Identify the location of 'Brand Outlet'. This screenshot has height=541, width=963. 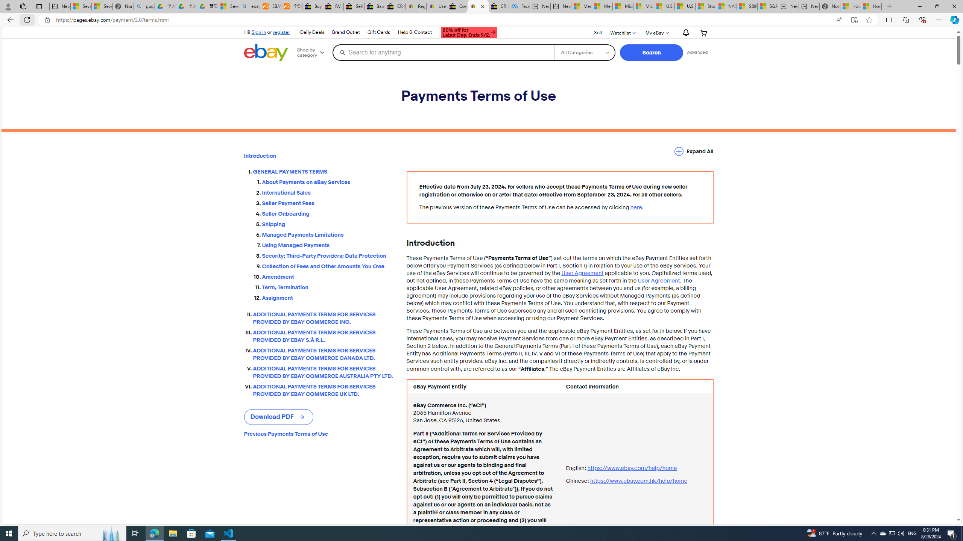
(345, 32).